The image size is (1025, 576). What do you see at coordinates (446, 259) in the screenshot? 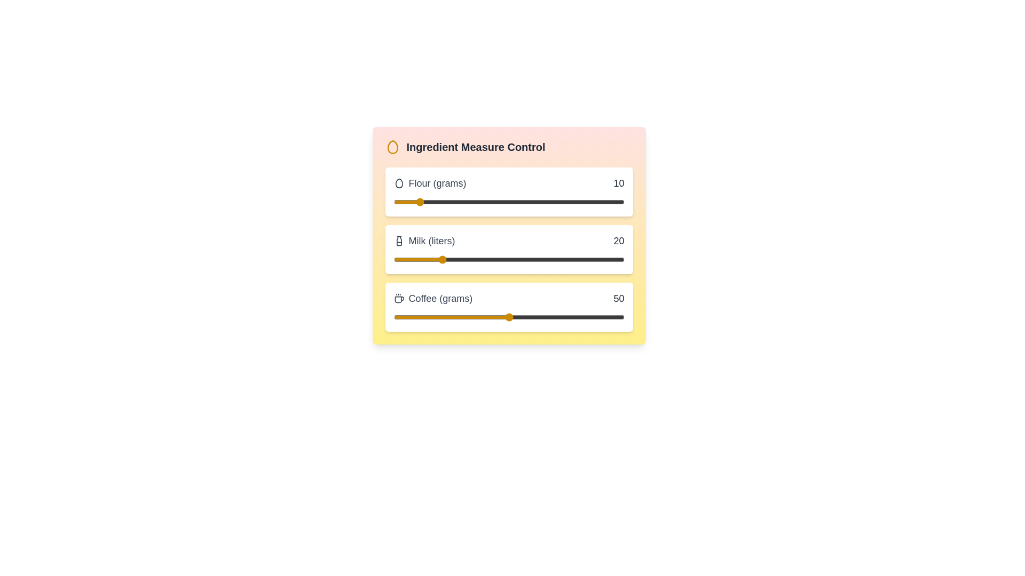
I see `the milk slider` at bounding box center [446, 259].